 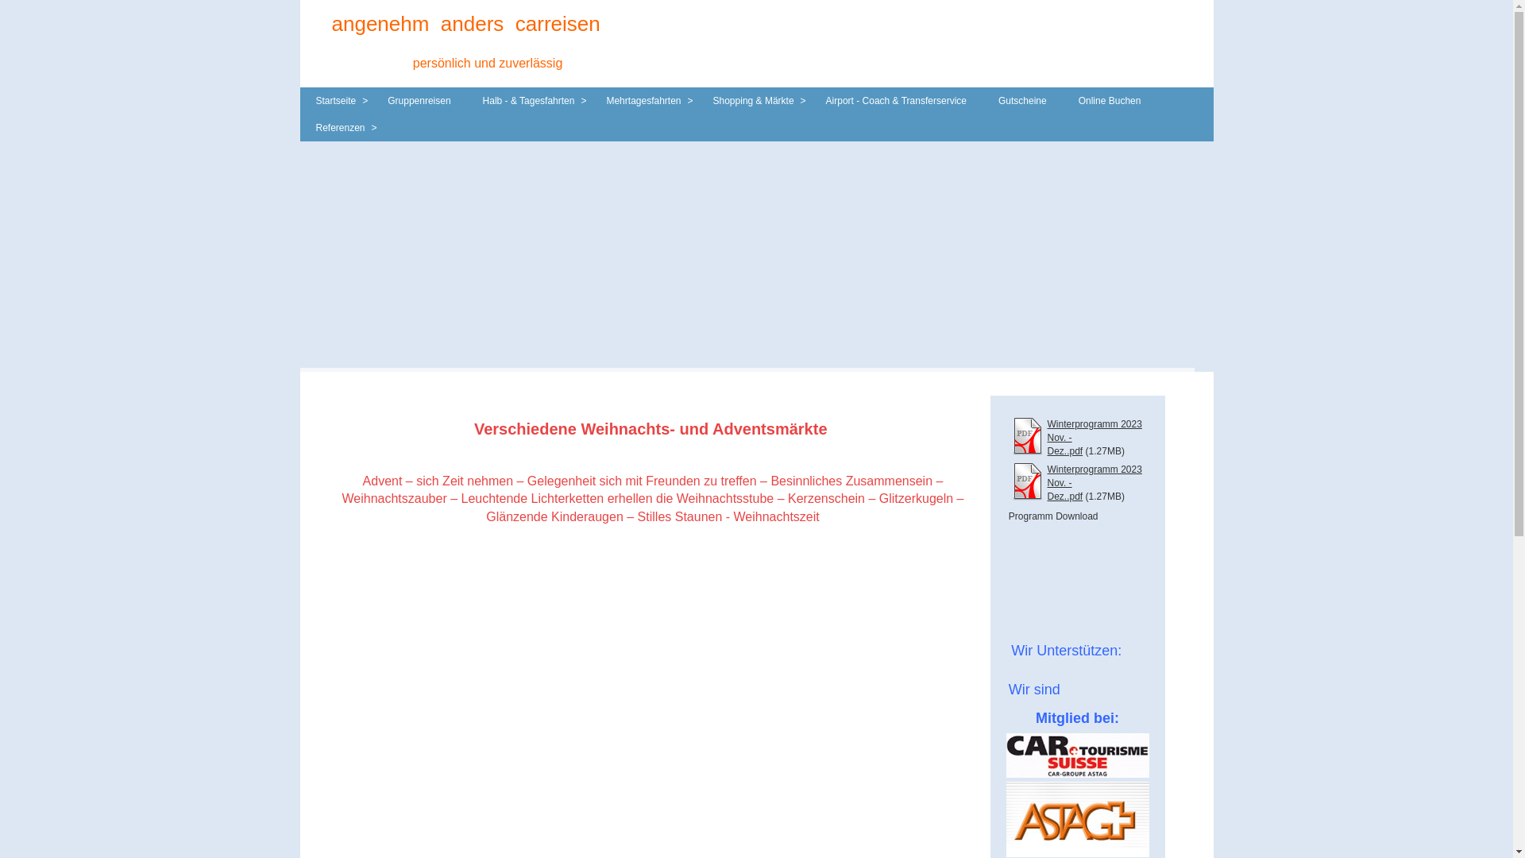 What do you see at coordinates (300, 127) in the screenshot?
I see `'Referenzen'` at bounding box center [300, 127].